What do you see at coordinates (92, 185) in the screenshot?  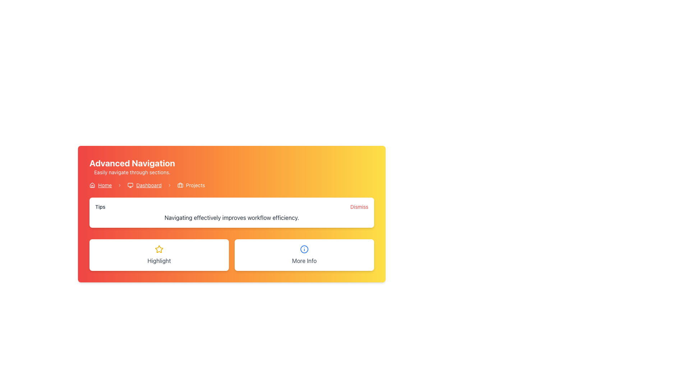 I see `the stylized house icon in the breadcrumb navigation to trigger a tooltip` at bounding box center [92, 185].